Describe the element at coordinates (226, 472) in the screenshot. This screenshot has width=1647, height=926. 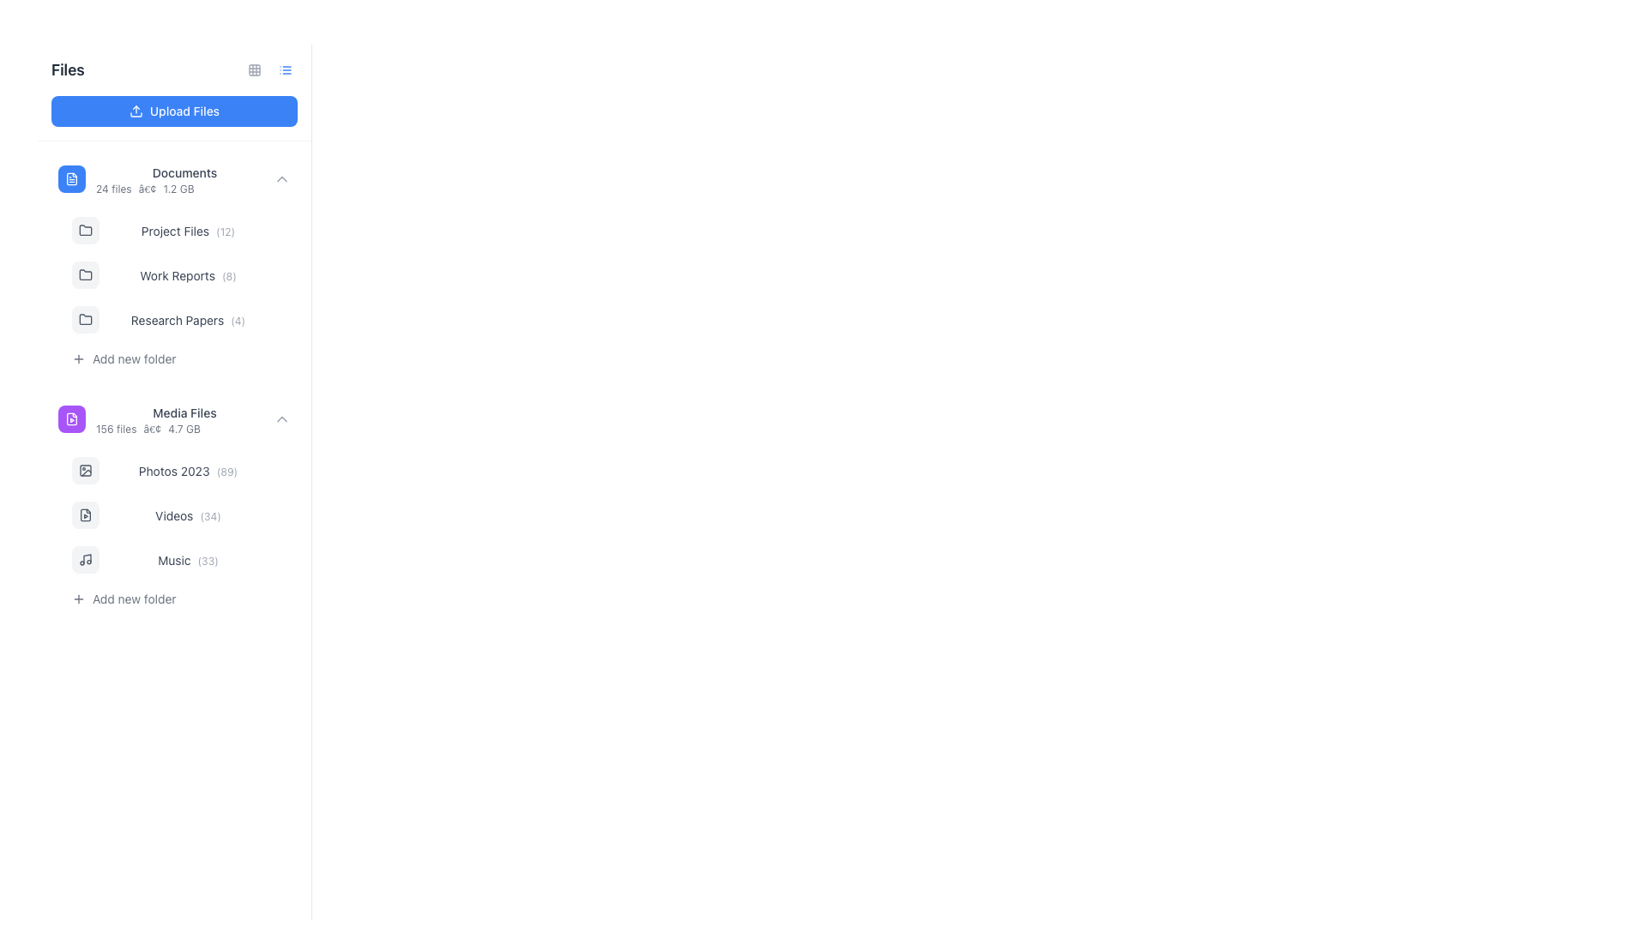
I see `the text label '(89)' indicating a count, positioned next to 'Photos 2023' in the expandable list under 'Media Files' in the left-hand navigation panel` at that location.